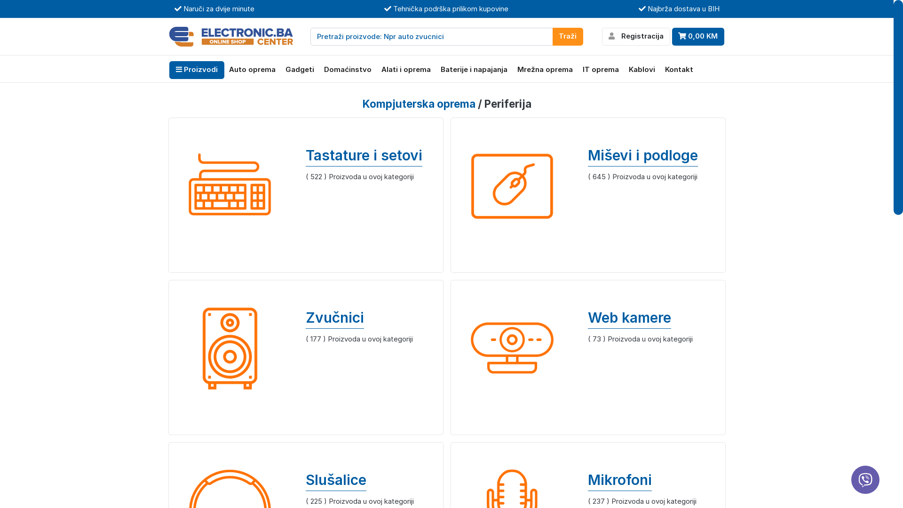 The width and height of the screenshot is (903, 508). Describe the element at coordinates (652, 319) in the screenshot. I see `'Web kamere'` at that location.